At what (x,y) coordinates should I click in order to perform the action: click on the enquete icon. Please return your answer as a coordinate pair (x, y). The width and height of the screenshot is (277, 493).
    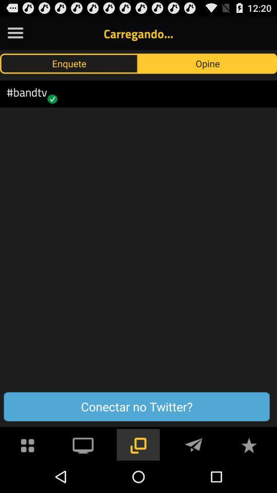
    Looking at the image, I should click on (69, 63).